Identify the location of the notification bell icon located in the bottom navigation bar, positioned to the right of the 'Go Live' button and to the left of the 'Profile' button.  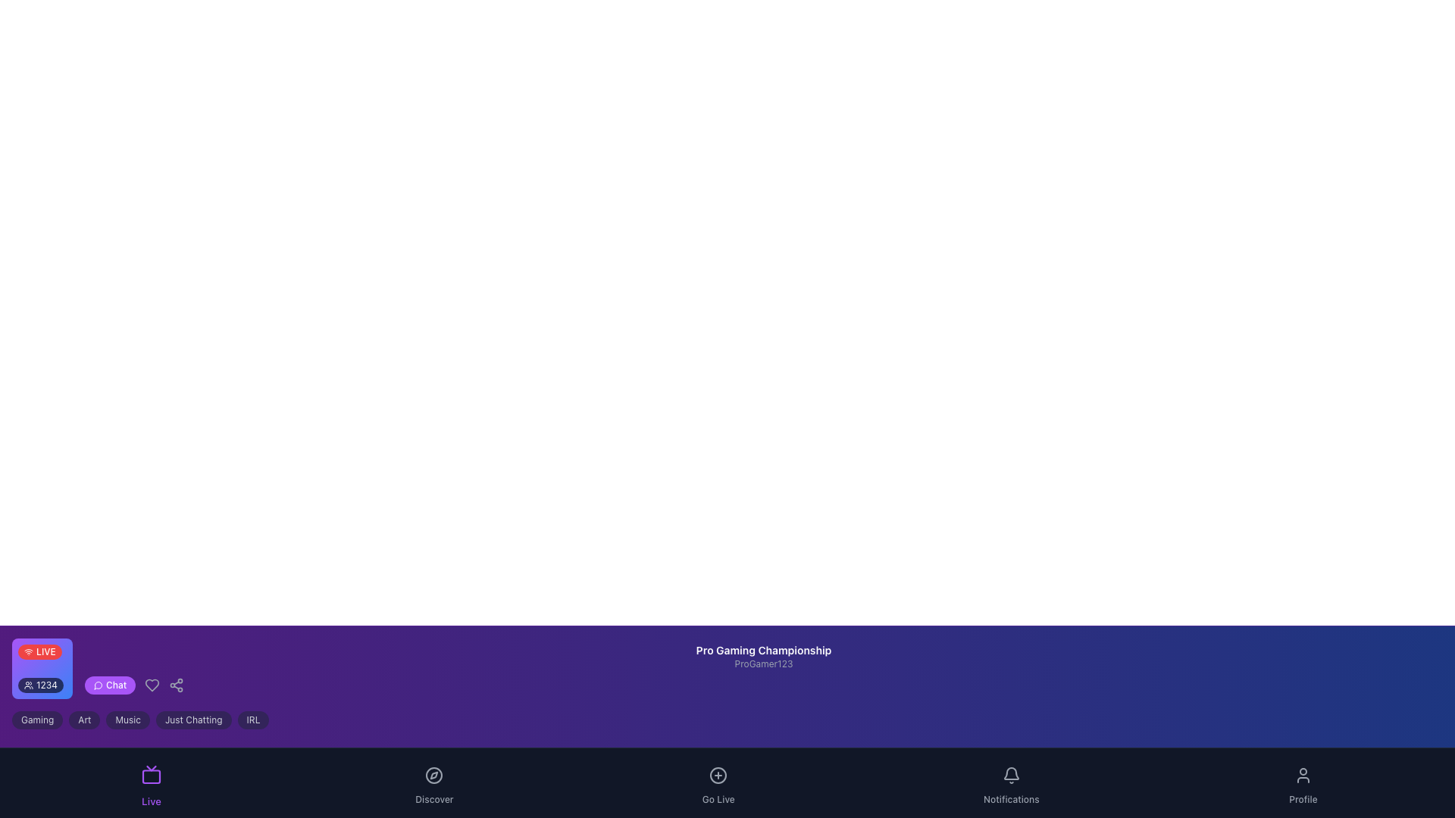
(1011, 775).